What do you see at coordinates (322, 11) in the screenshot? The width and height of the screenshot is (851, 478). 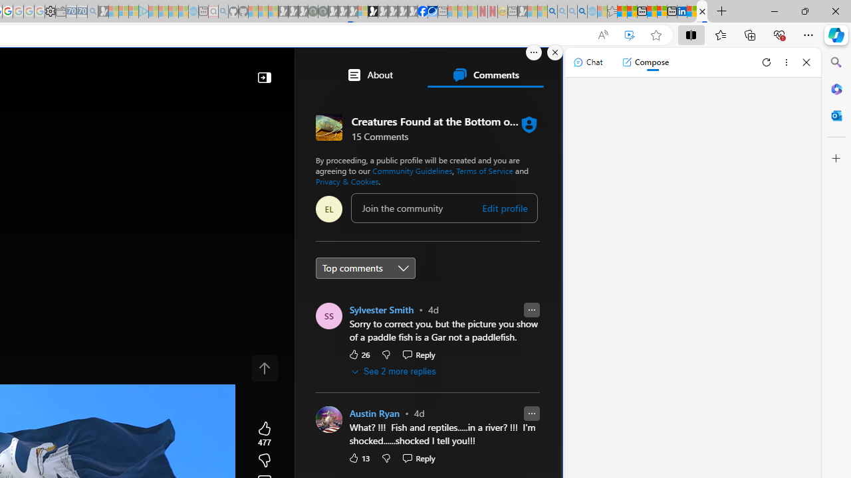 I see `'Future Focus Report 2024 - Sleeping'` at bounding box center [322, 11].